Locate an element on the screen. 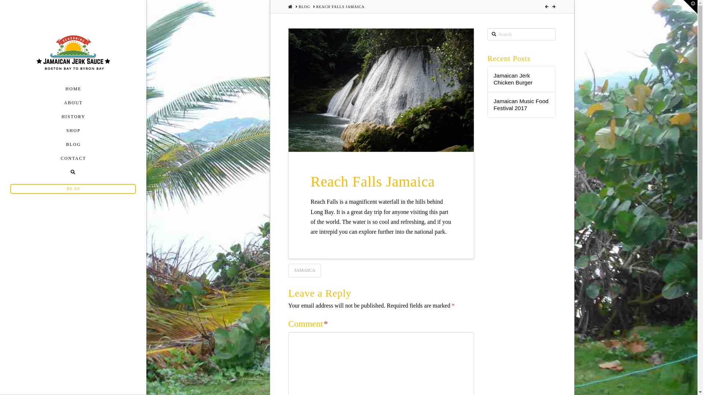  'CONTACT' is located at coordinates (73, 158).